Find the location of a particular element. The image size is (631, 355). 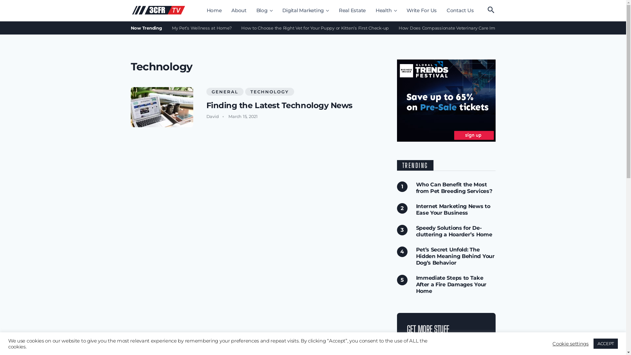

'David' is located at coordinates (213, 116).